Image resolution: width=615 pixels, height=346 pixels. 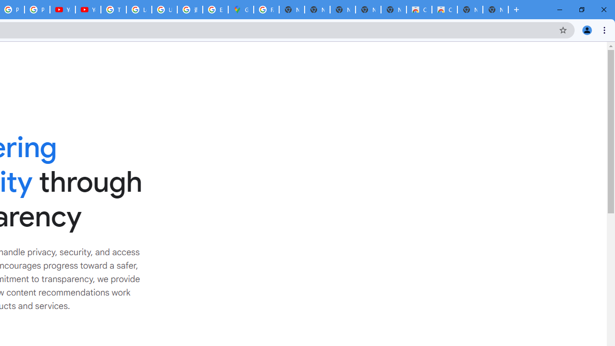 What do you see at coordinates (495, 10) in the screenshot?
I see `'New Tab'` at bounding box center [495, 10].